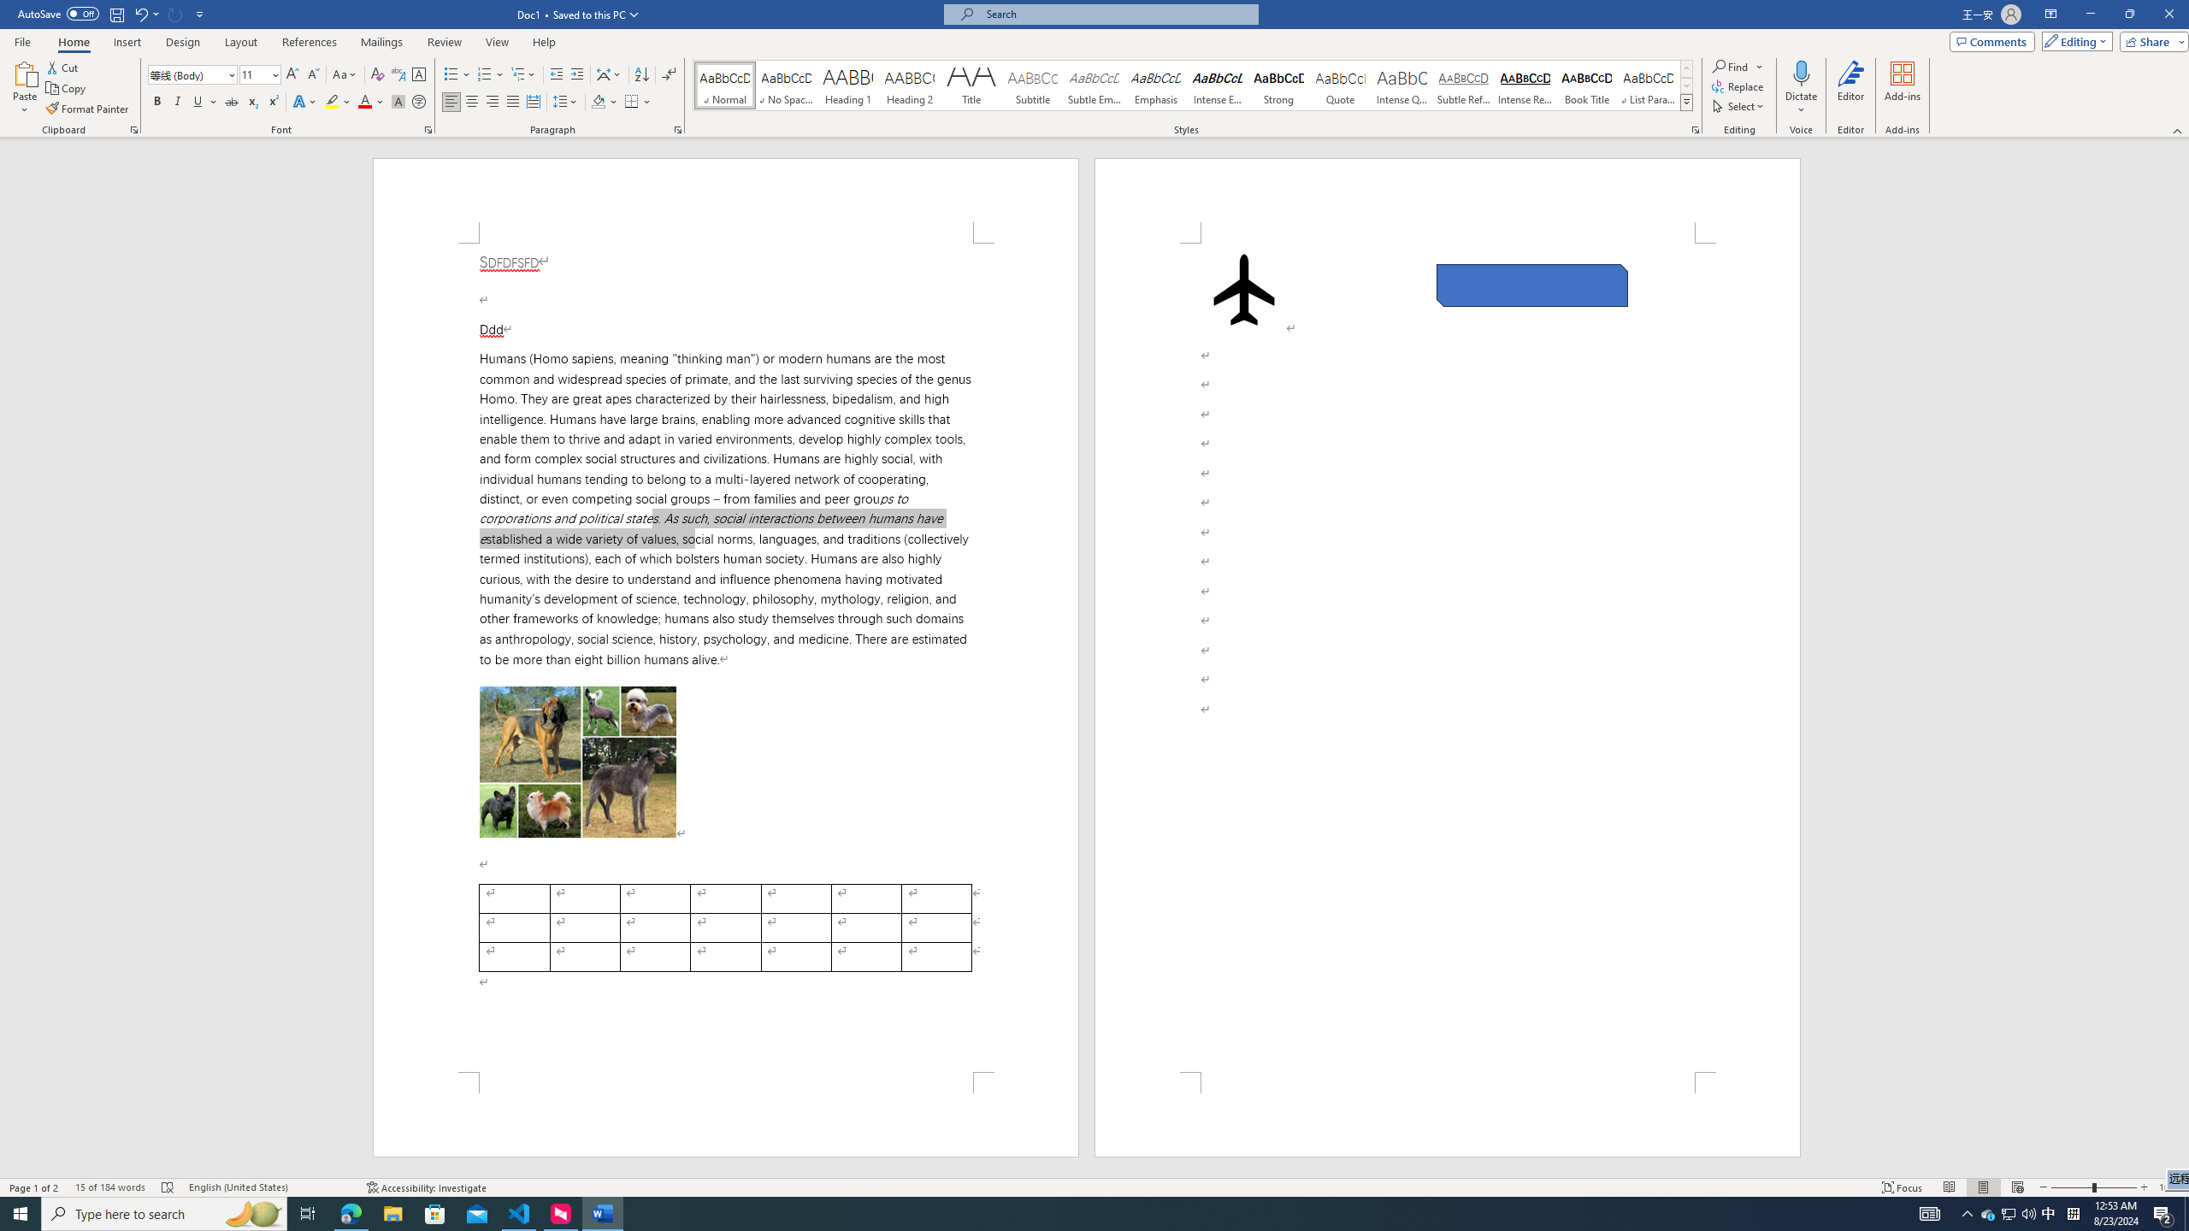 The height and width of the screenshot is (1231, 2189). Describe the element at coordinates (1525, 85) in the screenshot. I see `'Intense Reference'` at that location.